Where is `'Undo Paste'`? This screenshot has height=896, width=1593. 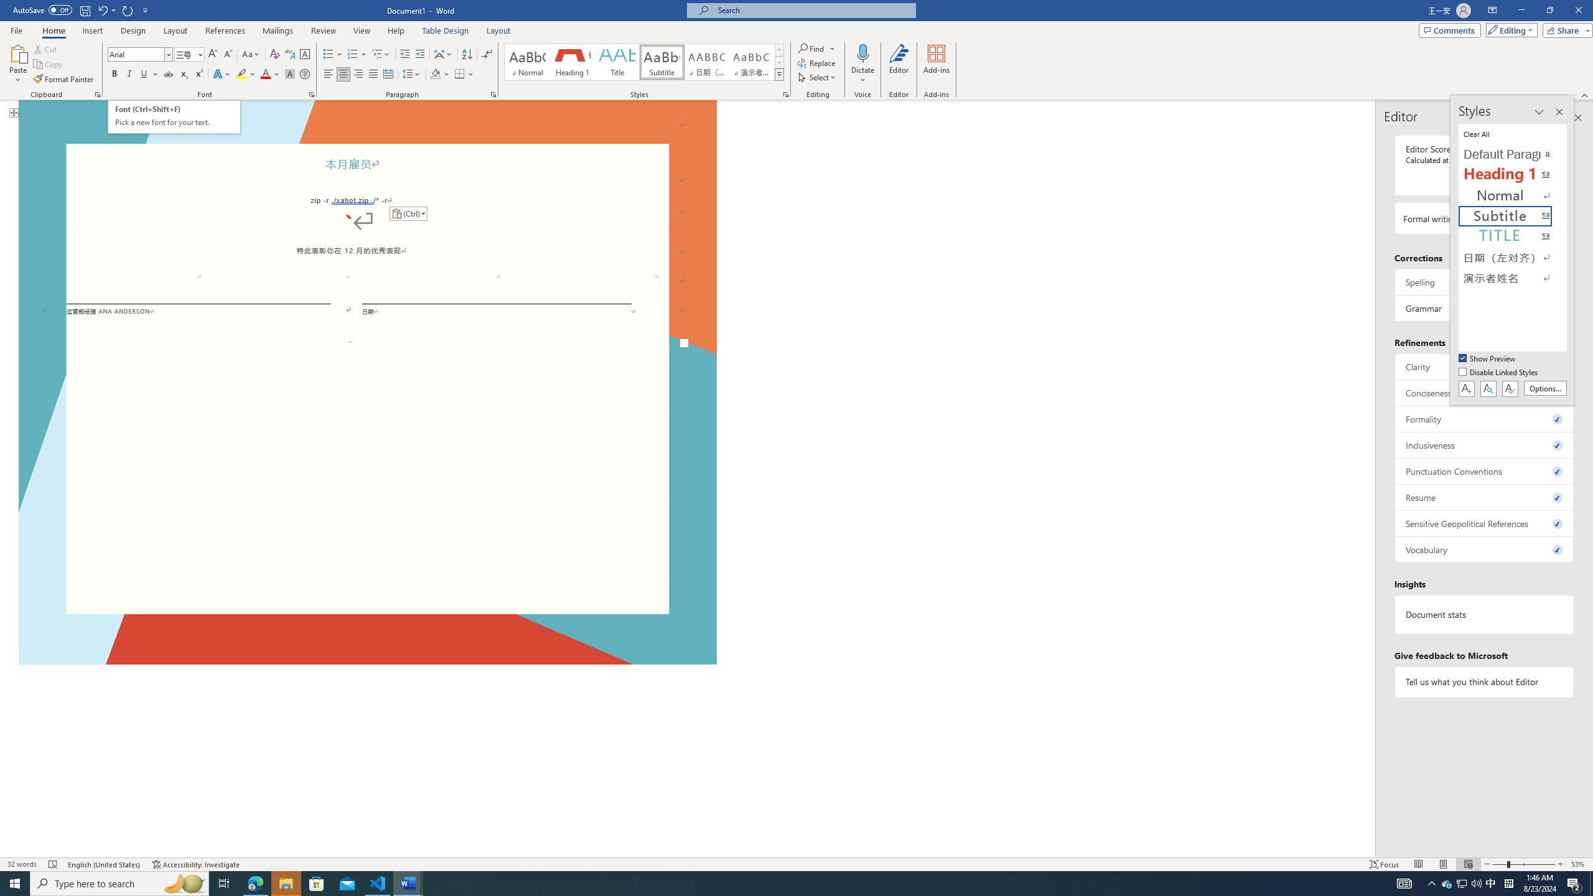 'Undo Paste' is located at coordinates (101, 9).